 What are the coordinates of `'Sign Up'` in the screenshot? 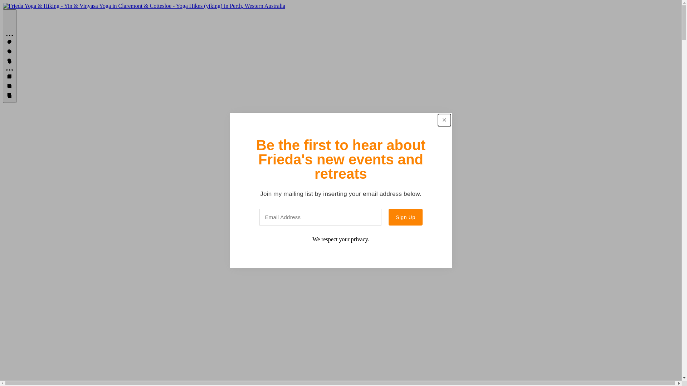 It's located at (405, 217).